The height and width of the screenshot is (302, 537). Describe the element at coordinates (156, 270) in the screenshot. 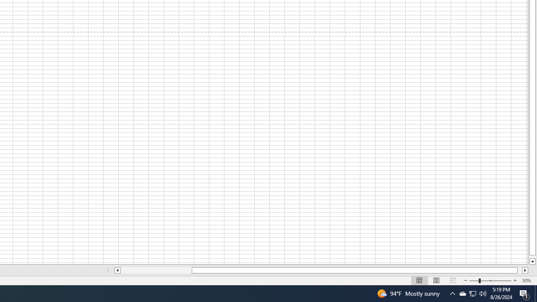

I see `'Page left'` at that location.